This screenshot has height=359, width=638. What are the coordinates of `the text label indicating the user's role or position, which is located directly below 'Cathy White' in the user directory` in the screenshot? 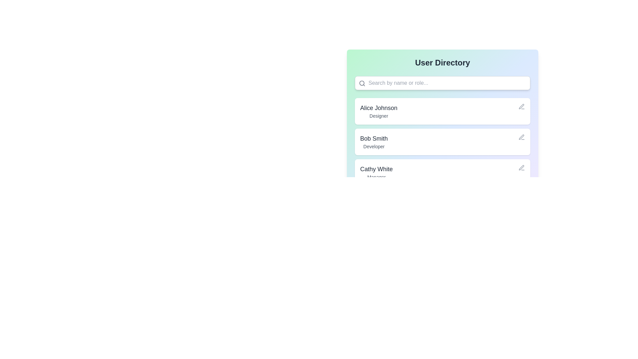 It's located at (376, 177).